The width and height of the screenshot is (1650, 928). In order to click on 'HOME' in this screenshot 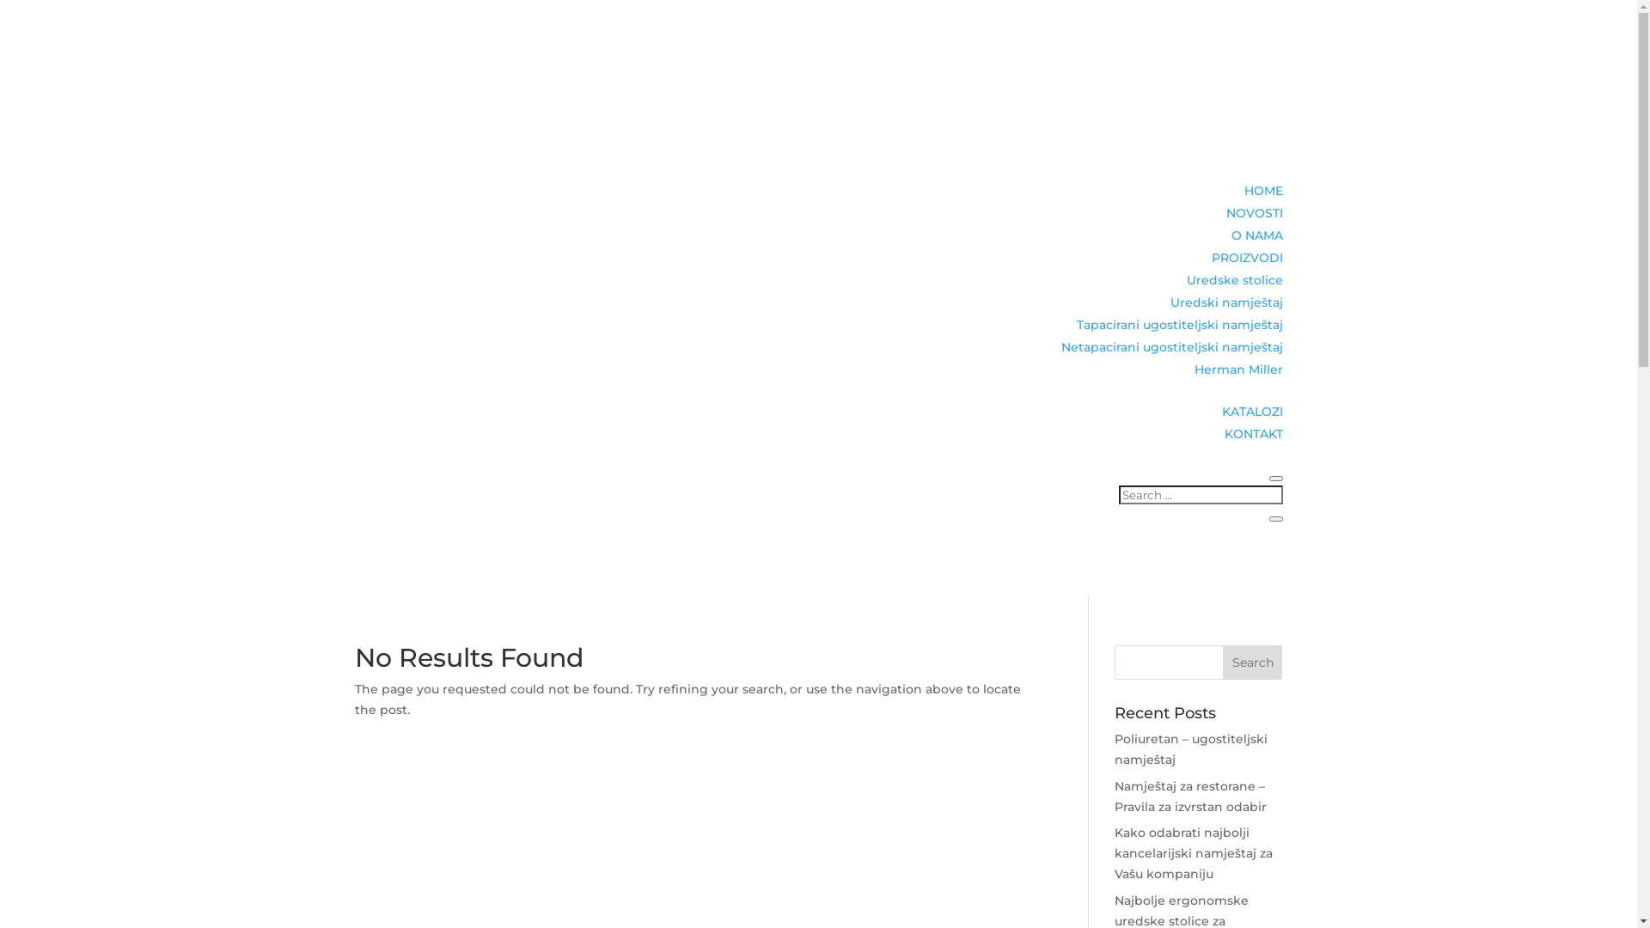, I will do `click(1263, 191)`.